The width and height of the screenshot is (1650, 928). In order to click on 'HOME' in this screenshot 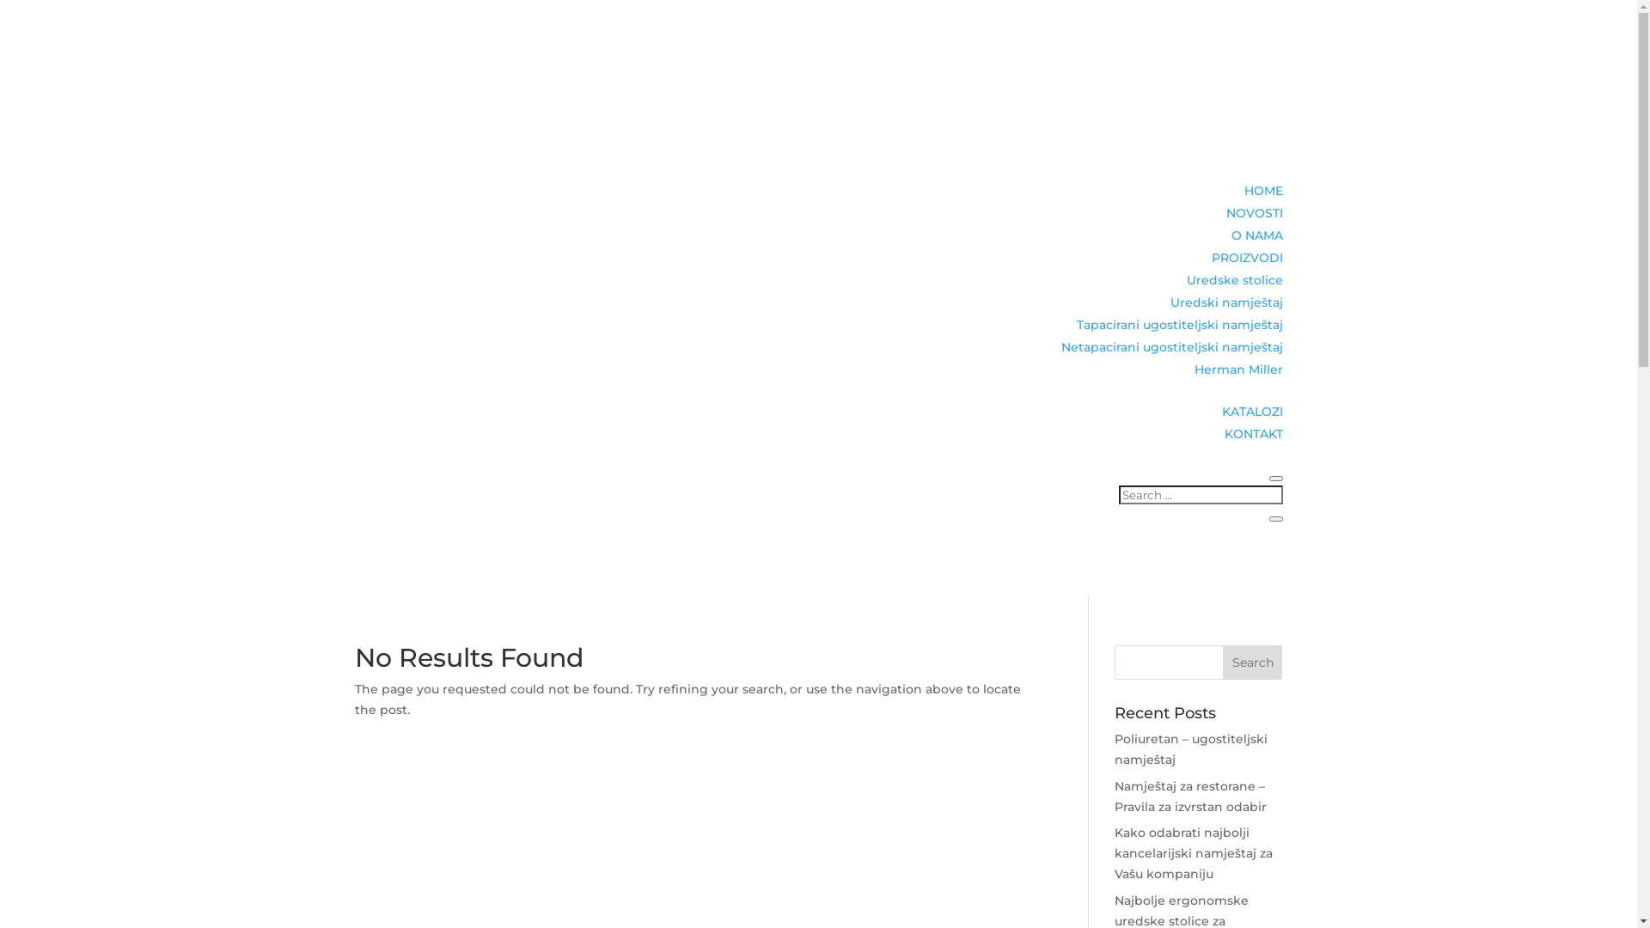, I will do `click(1263, 191)`.